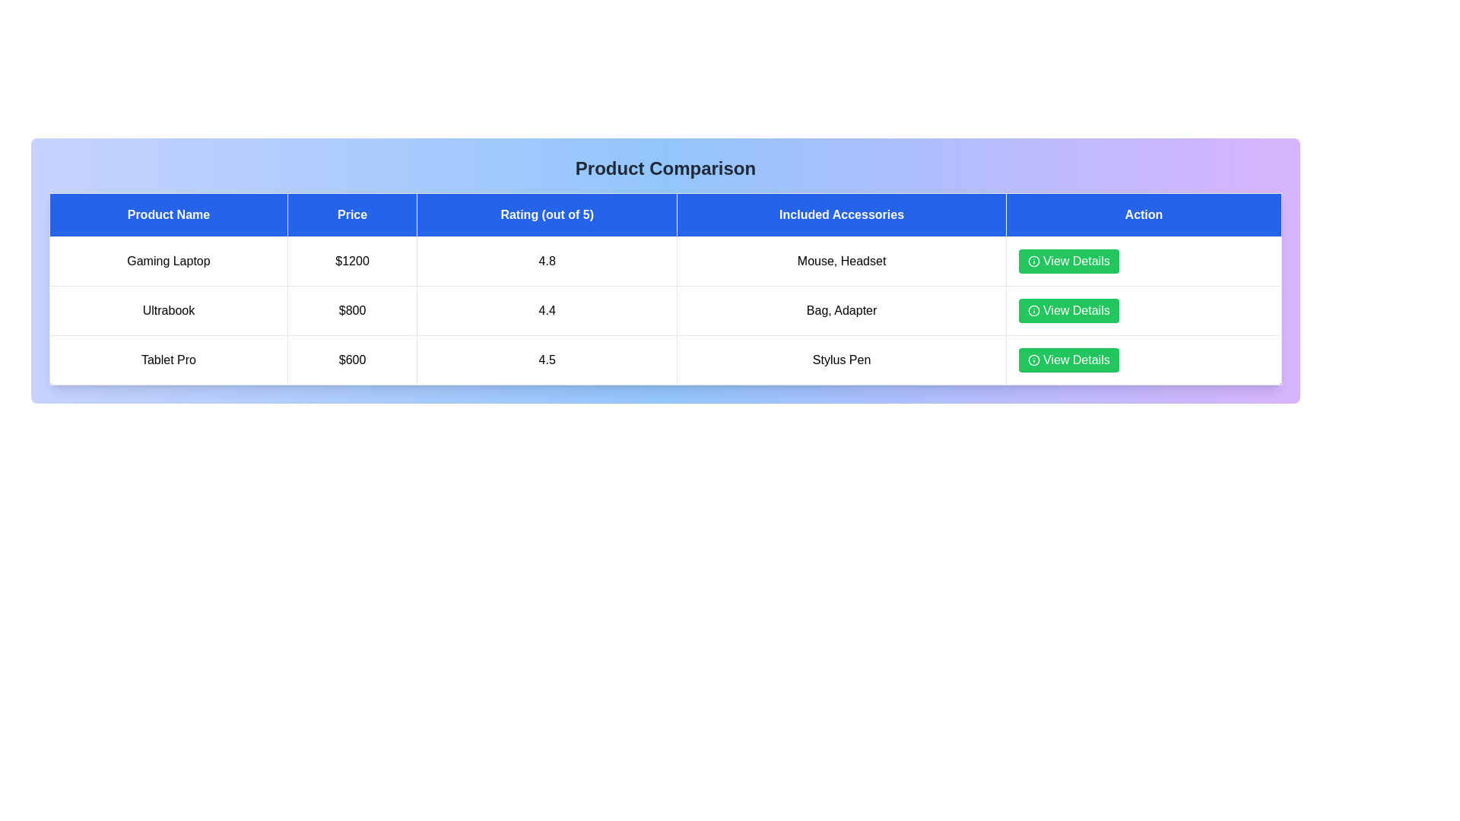 Image resolution: width=1460 pixels, height=821 pixels. Describe the element at coordinates (665, 260) in the screenshot. I see `the row corresponding to Gaming Laptop` at that location.